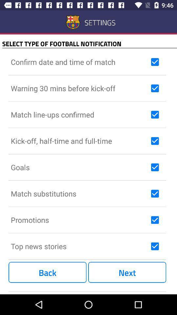 The width and height of the screenshot is (177, 315). Describe the element at coordinates (89, 43) in the screenshot. I see `select type of icon` at that location.